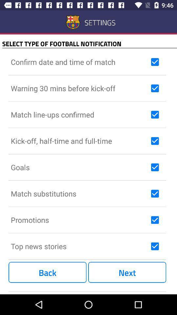 The width and height of the screenshot is (177, 315). Describe the element at coordinates (89, 43) in the screenshot. I see `select type of icon` at that location.